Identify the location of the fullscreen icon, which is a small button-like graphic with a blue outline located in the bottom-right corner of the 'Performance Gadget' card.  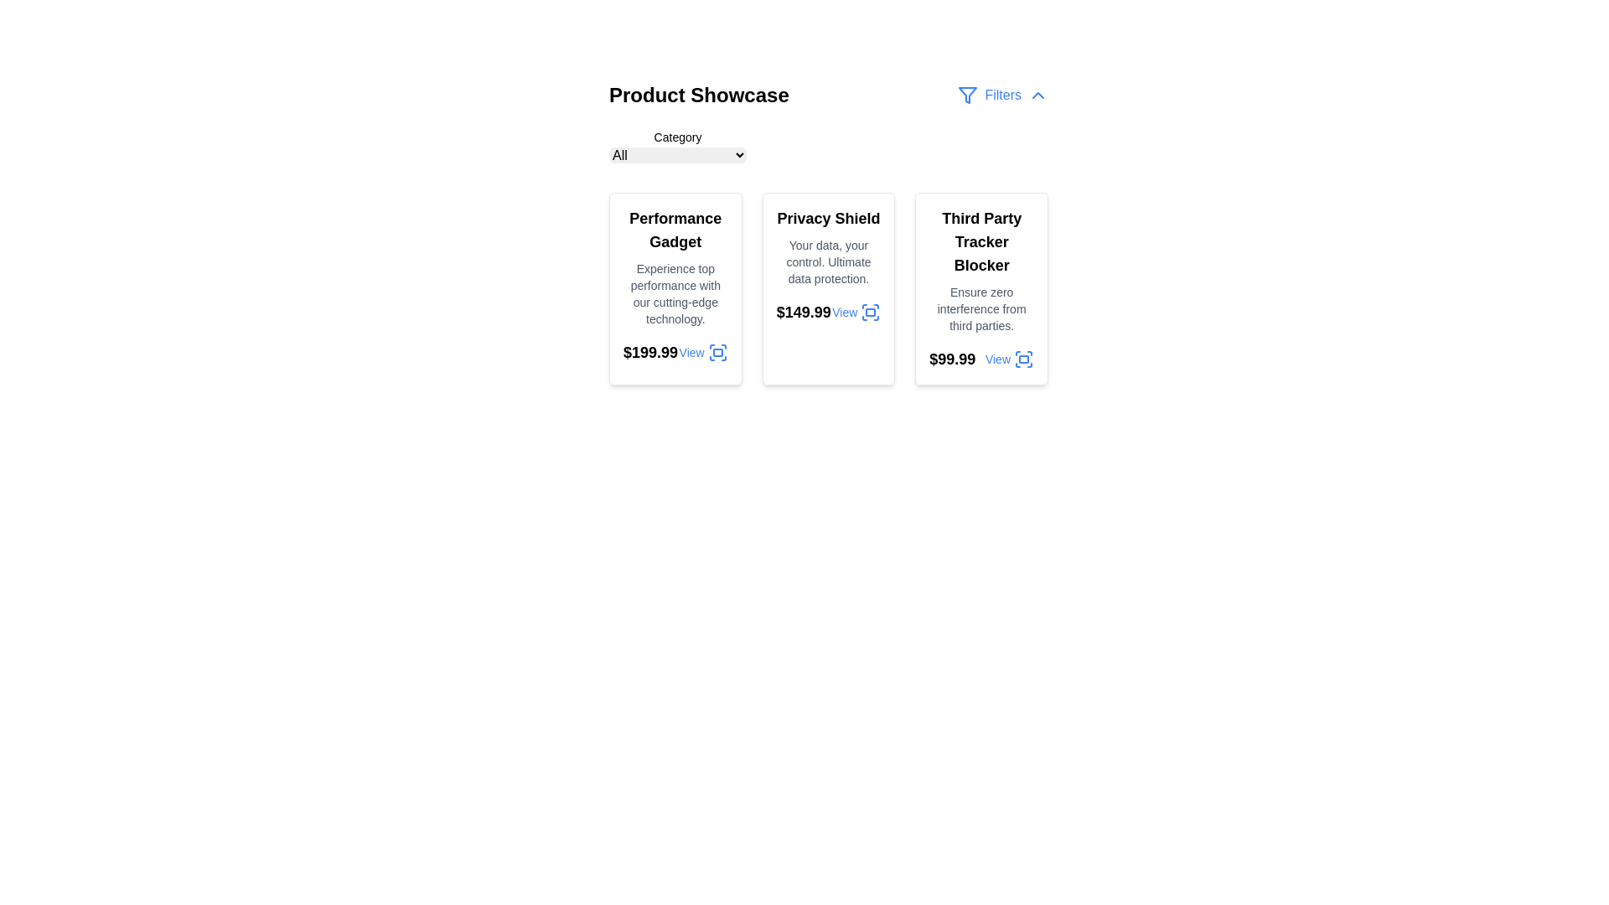
(717, 351).